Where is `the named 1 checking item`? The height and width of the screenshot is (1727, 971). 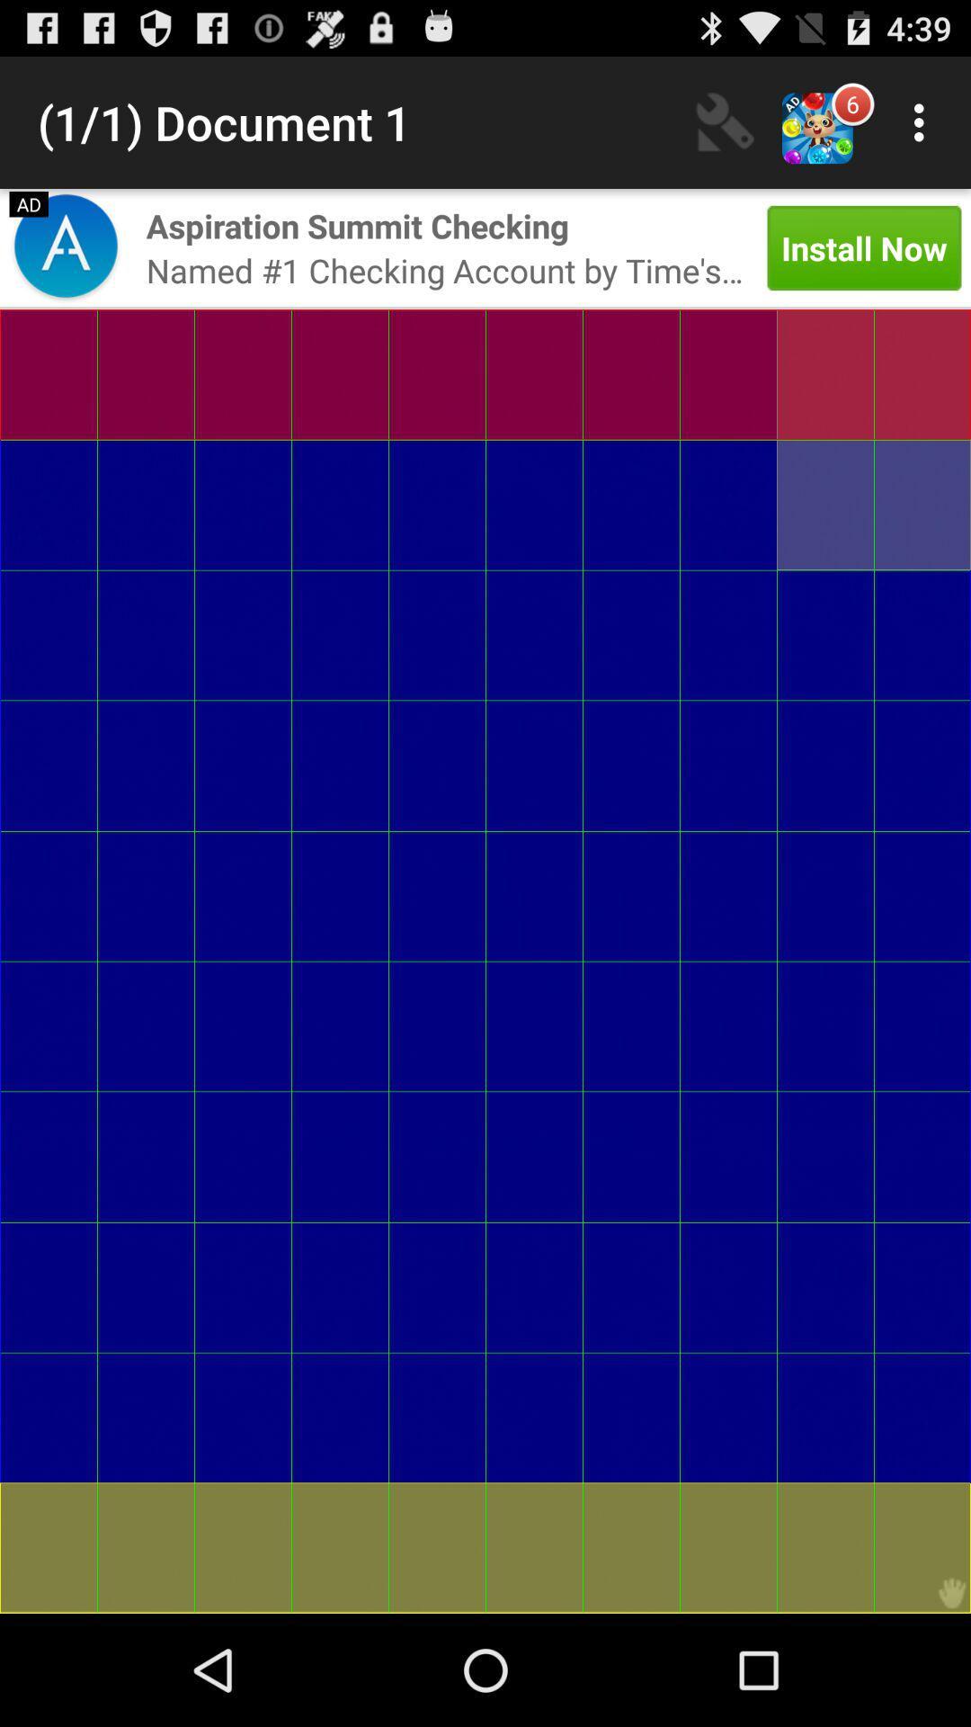
the named 1 checking item is located at coordinates (444, 269).